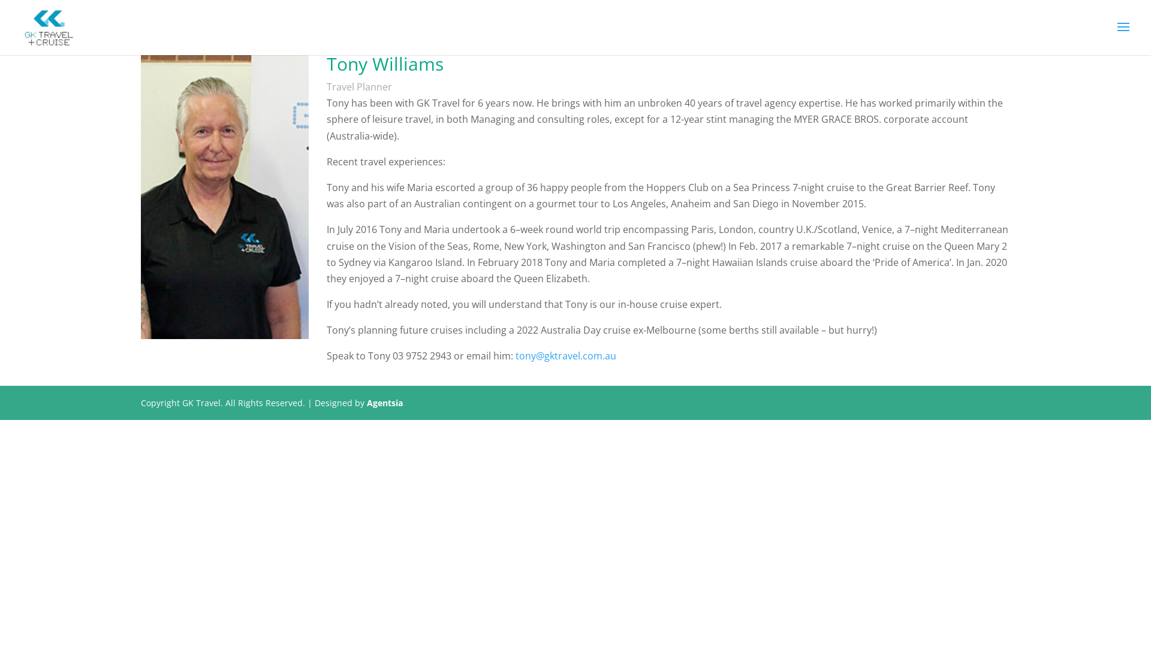 This screenshot has height=647, width=1151. I want to click on 'tony@gktravel.com.au', so click(515, 355).